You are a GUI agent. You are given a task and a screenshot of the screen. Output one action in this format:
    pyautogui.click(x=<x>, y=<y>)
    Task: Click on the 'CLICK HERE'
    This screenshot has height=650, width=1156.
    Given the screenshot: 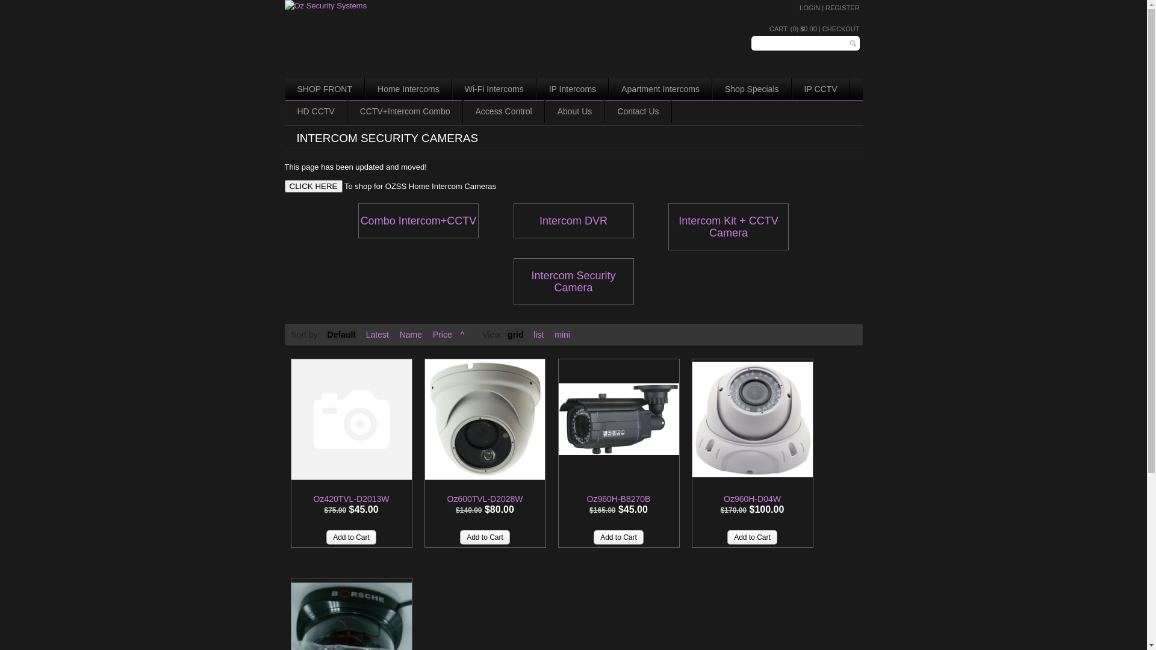 What is the action you would take?
    pyautogui.click(x=312, y=186)
    